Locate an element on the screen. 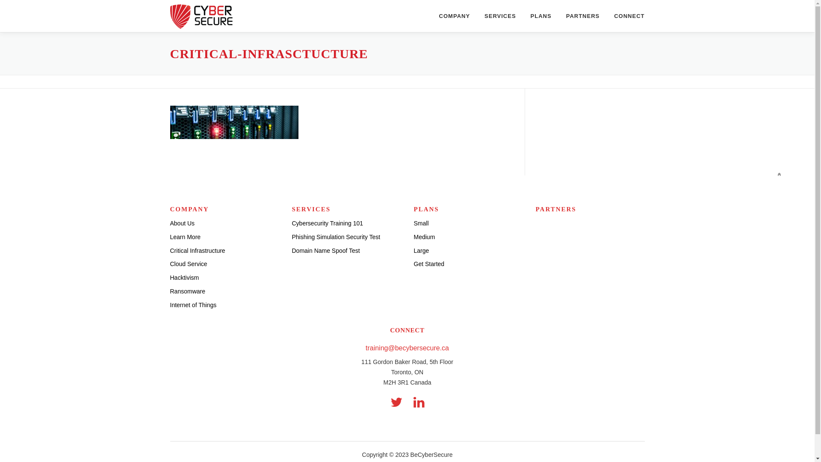  'LinkedIn' is located at coordinates (419, 402).